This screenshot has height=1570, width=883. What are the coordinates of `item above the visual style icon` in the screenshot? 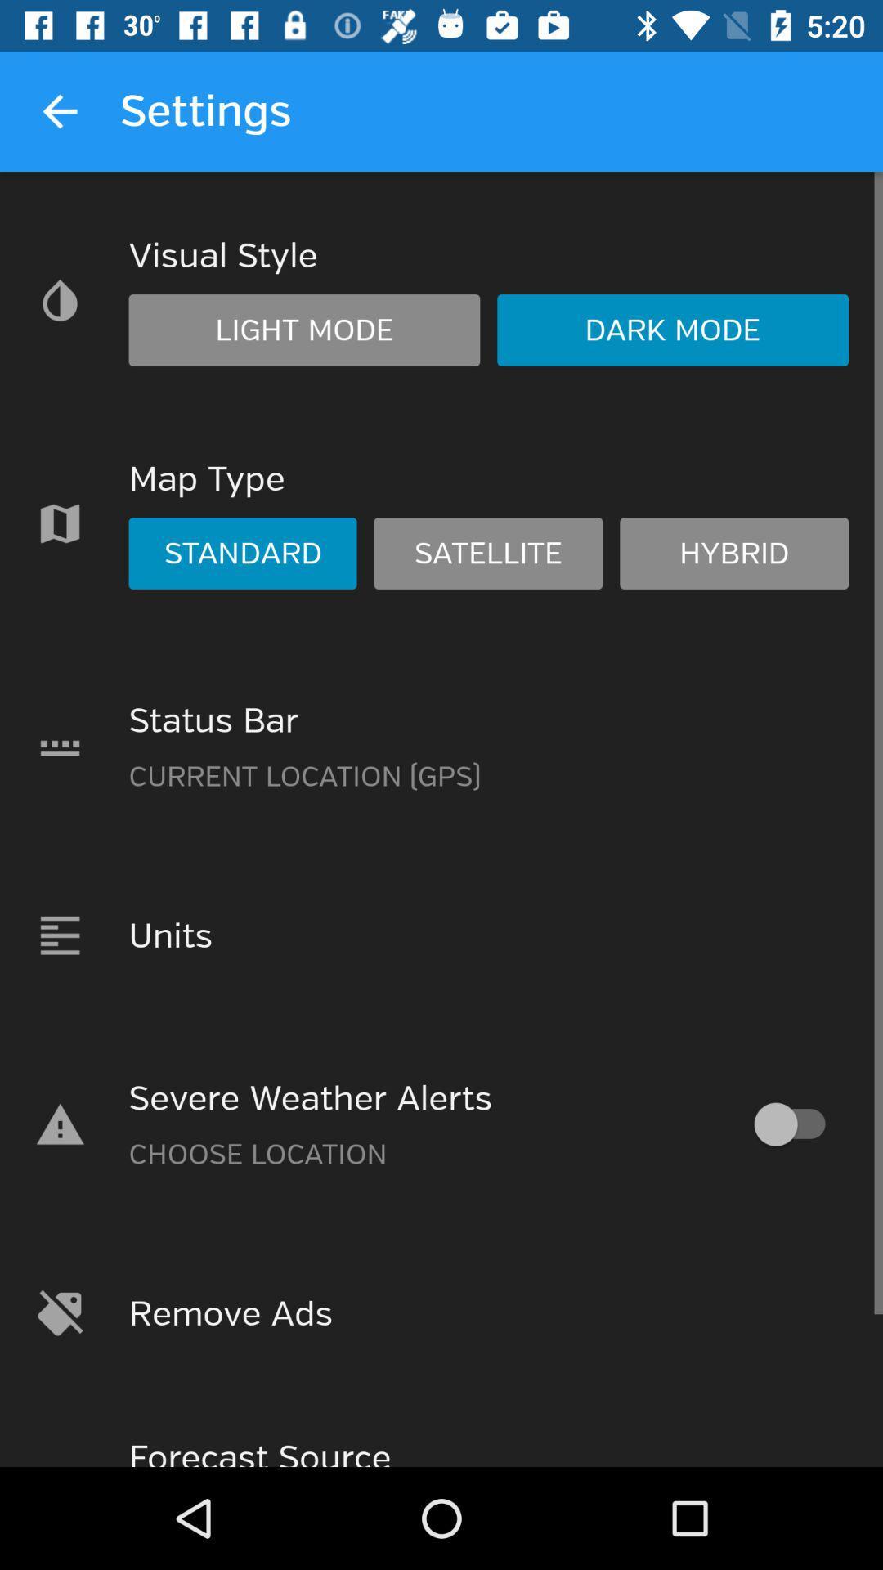 It's located at (59, 110).